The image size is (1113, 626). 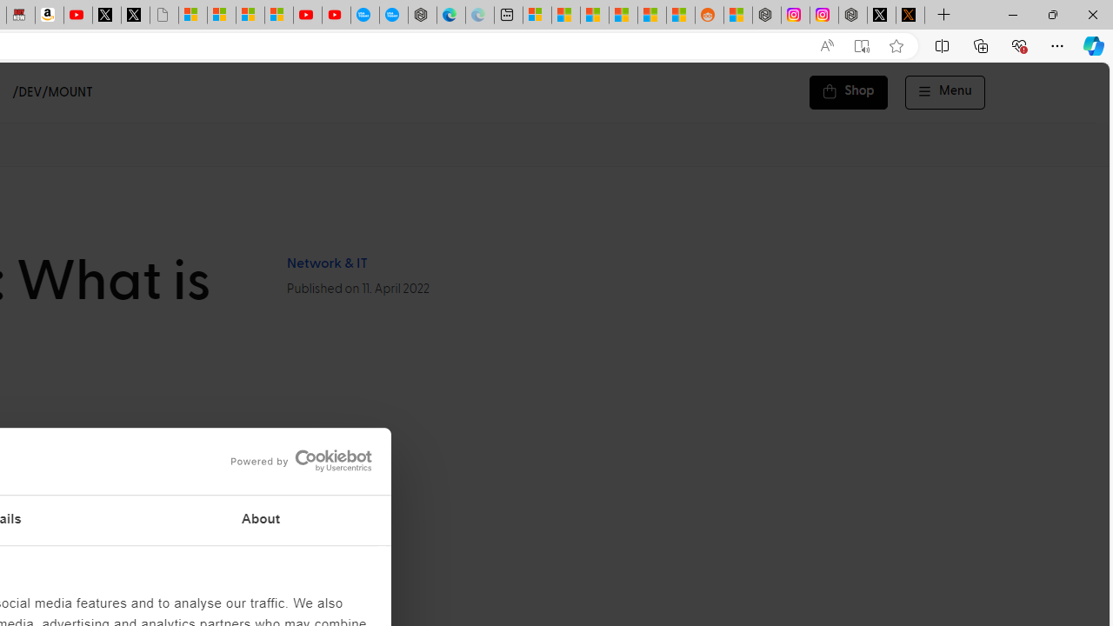 I want to click on 'logo - opens in a new window', so click(x=295, y=460).